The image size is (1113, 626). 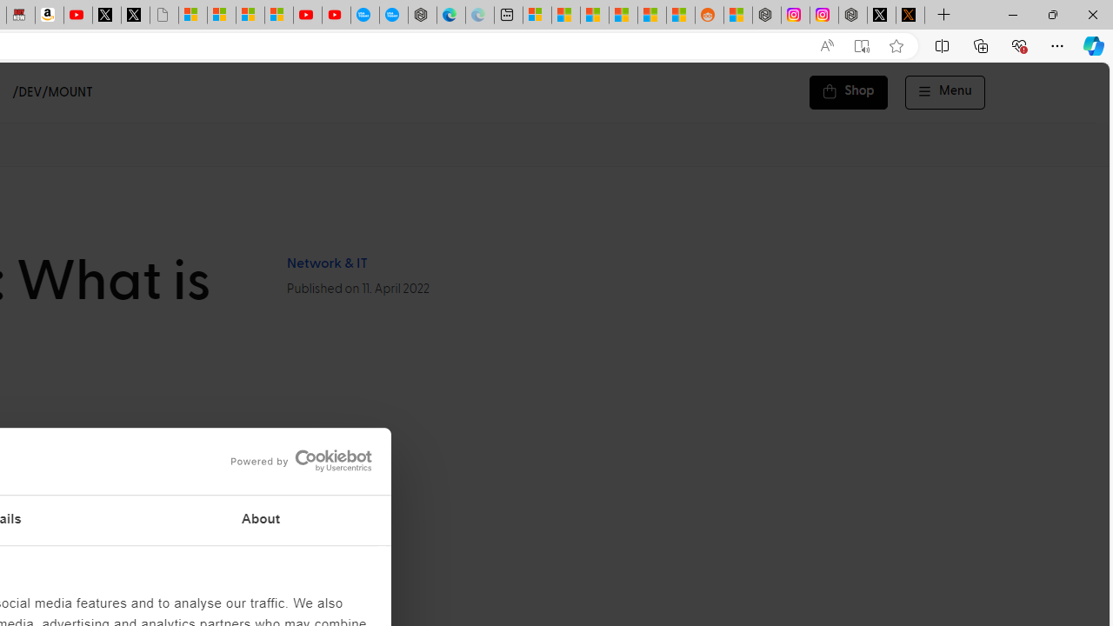 I want to click on 'logo - opens in a new window', so click(x=295, y=460).